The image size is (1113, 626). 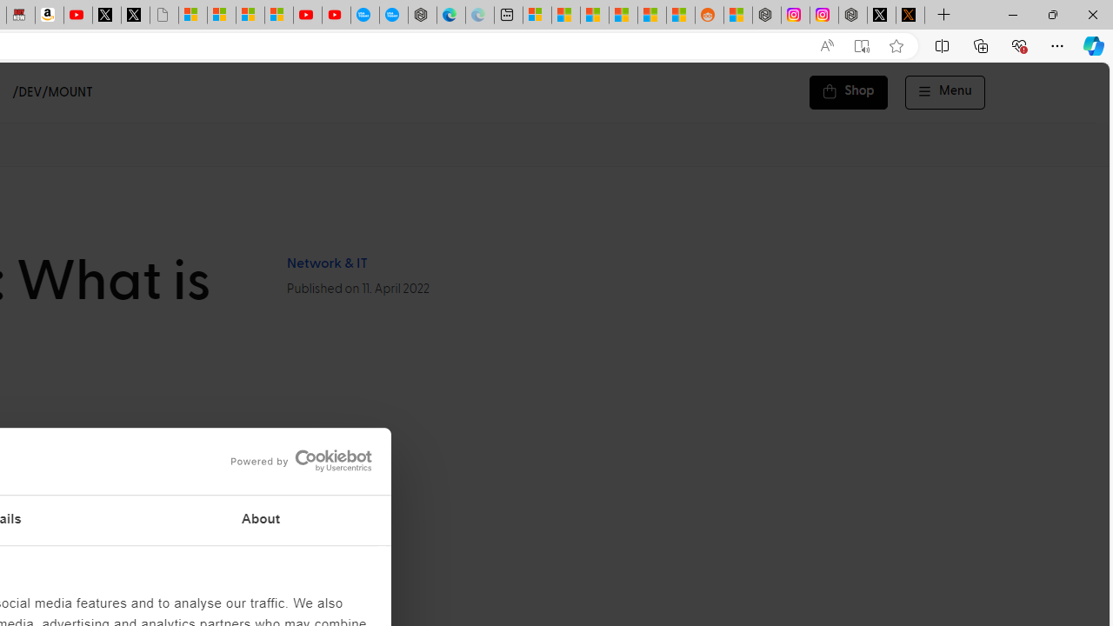 I want to click on 'logo - opens in a new window', so click(x=295, y=460).